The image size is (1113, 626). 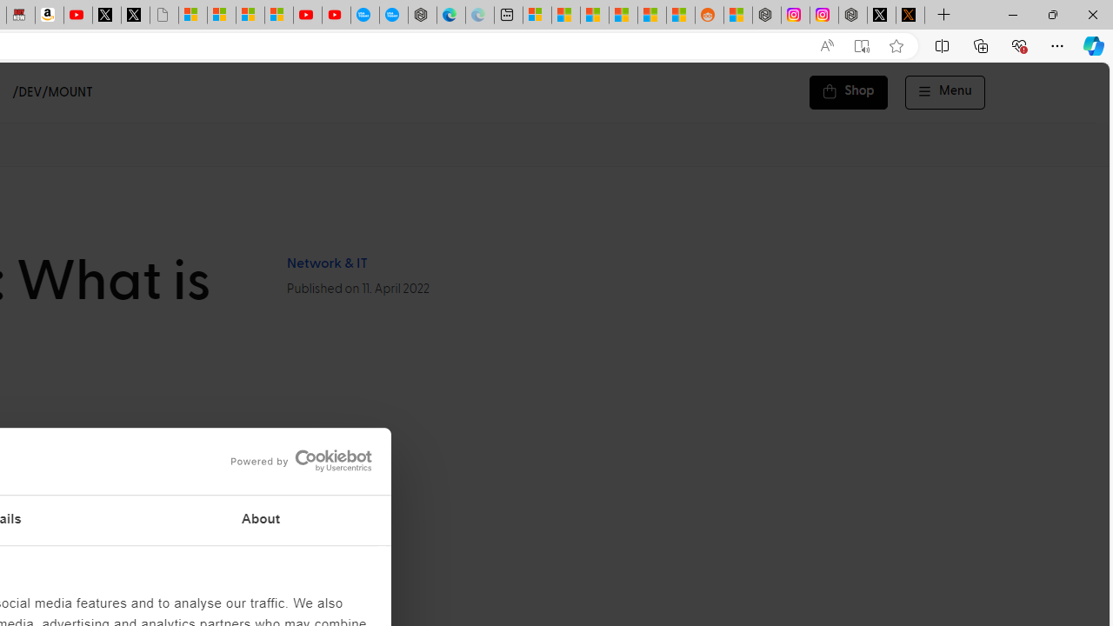 I want to click on 'logo - opens in a new window', so click(x=295, y=460).